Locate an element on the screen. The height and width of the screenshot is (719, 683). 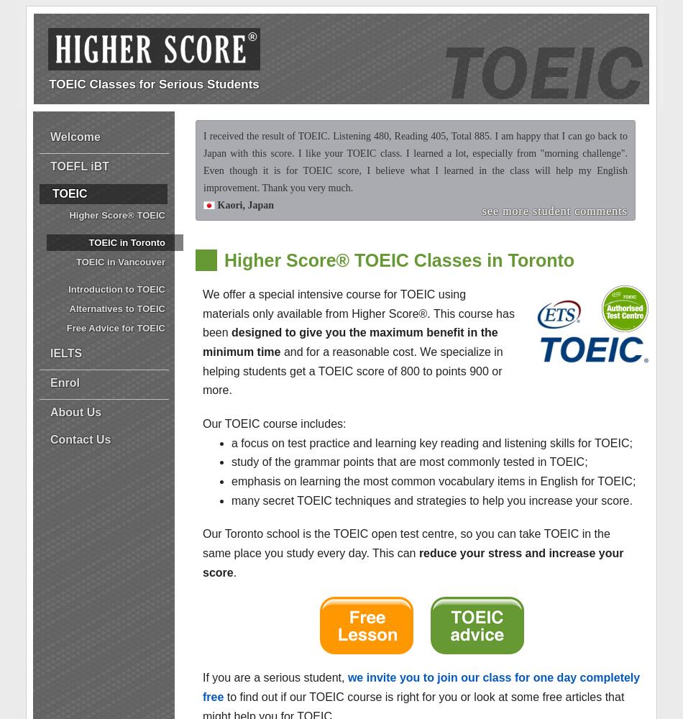
'Enrol' is located at coordinates (64, 383).